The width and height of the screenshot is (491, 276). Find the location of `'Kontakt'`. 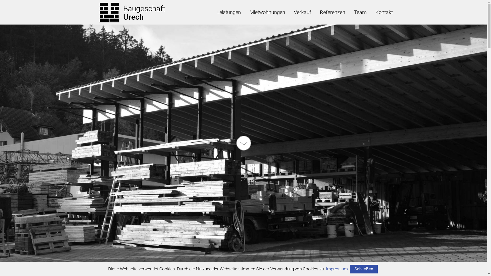

'Kontakt' is located at coordinates (384, 12).